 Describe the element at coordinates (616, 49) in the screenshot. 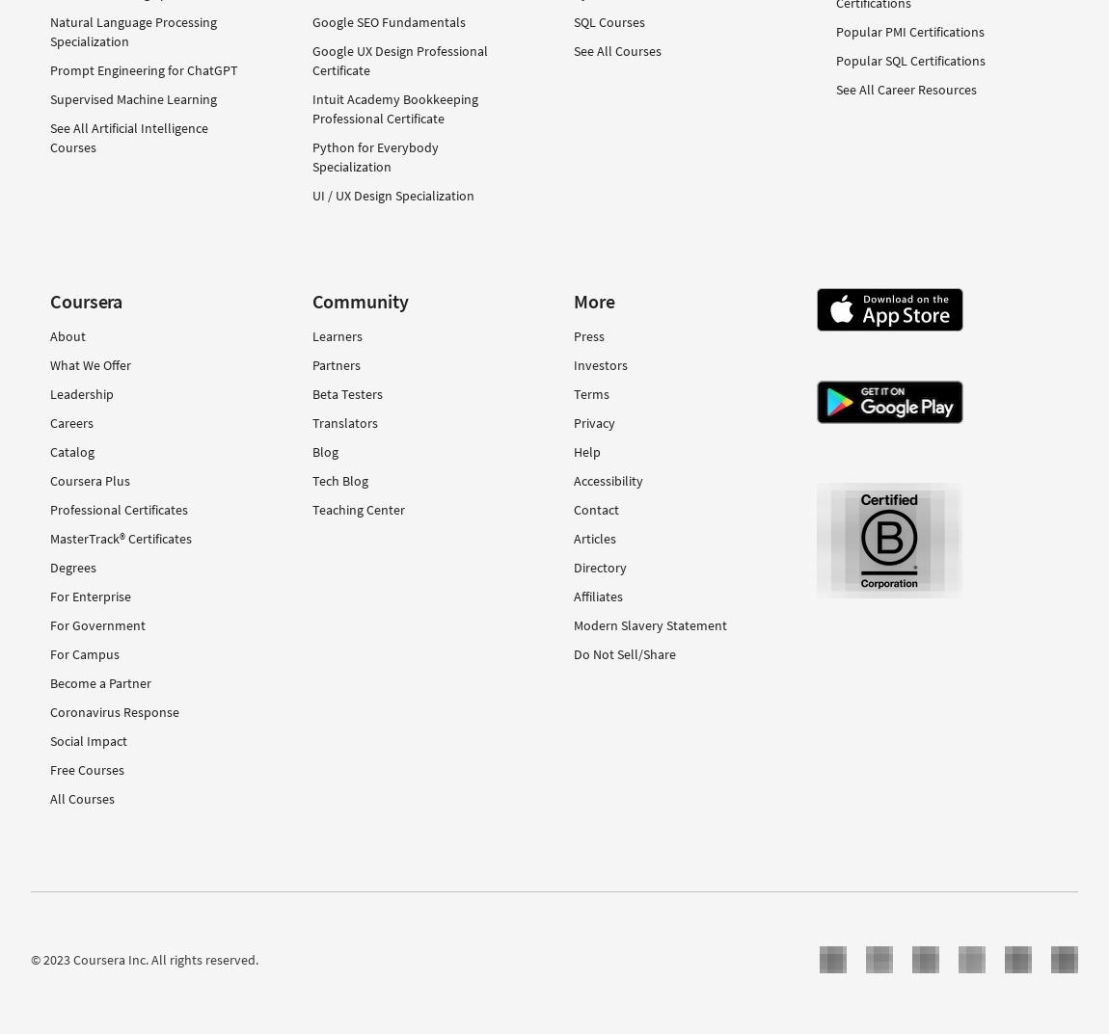

I see `'See All Courses'` at that location.